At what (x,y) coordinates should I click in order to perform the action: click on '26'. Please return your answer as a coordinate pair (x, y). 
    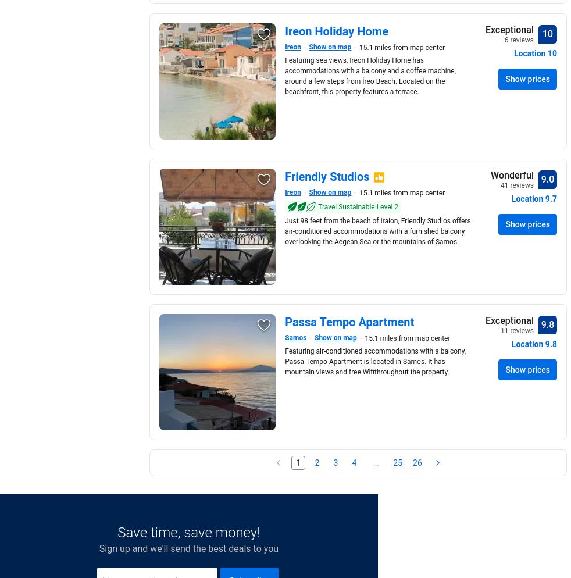
    Looking at the image, I should click on (416, 462).